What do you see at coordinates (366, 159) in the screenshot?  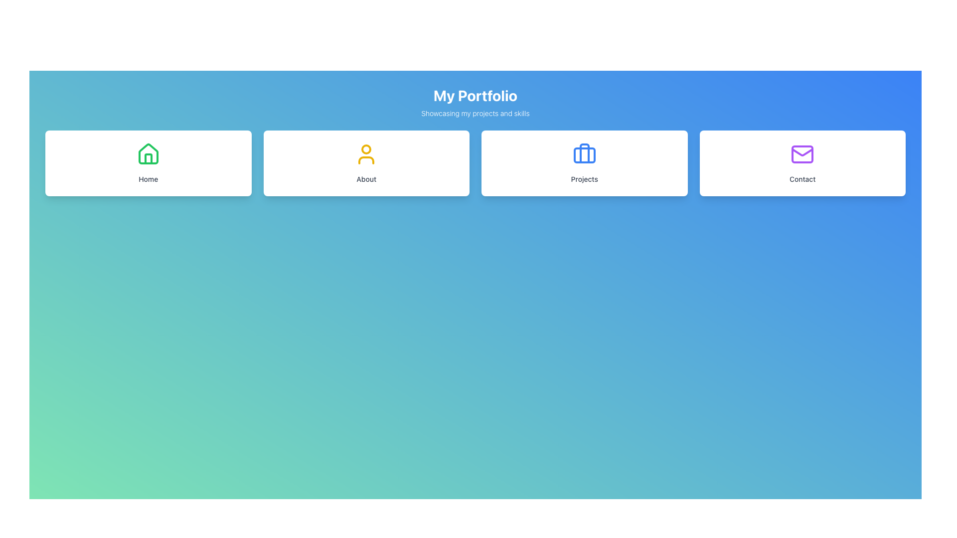 I see `the static SVG graphical element located in the lower section of the 'About' card, which is the second card in the row of four under the 'My Portfolio' header` at bounding box center [366, 159].